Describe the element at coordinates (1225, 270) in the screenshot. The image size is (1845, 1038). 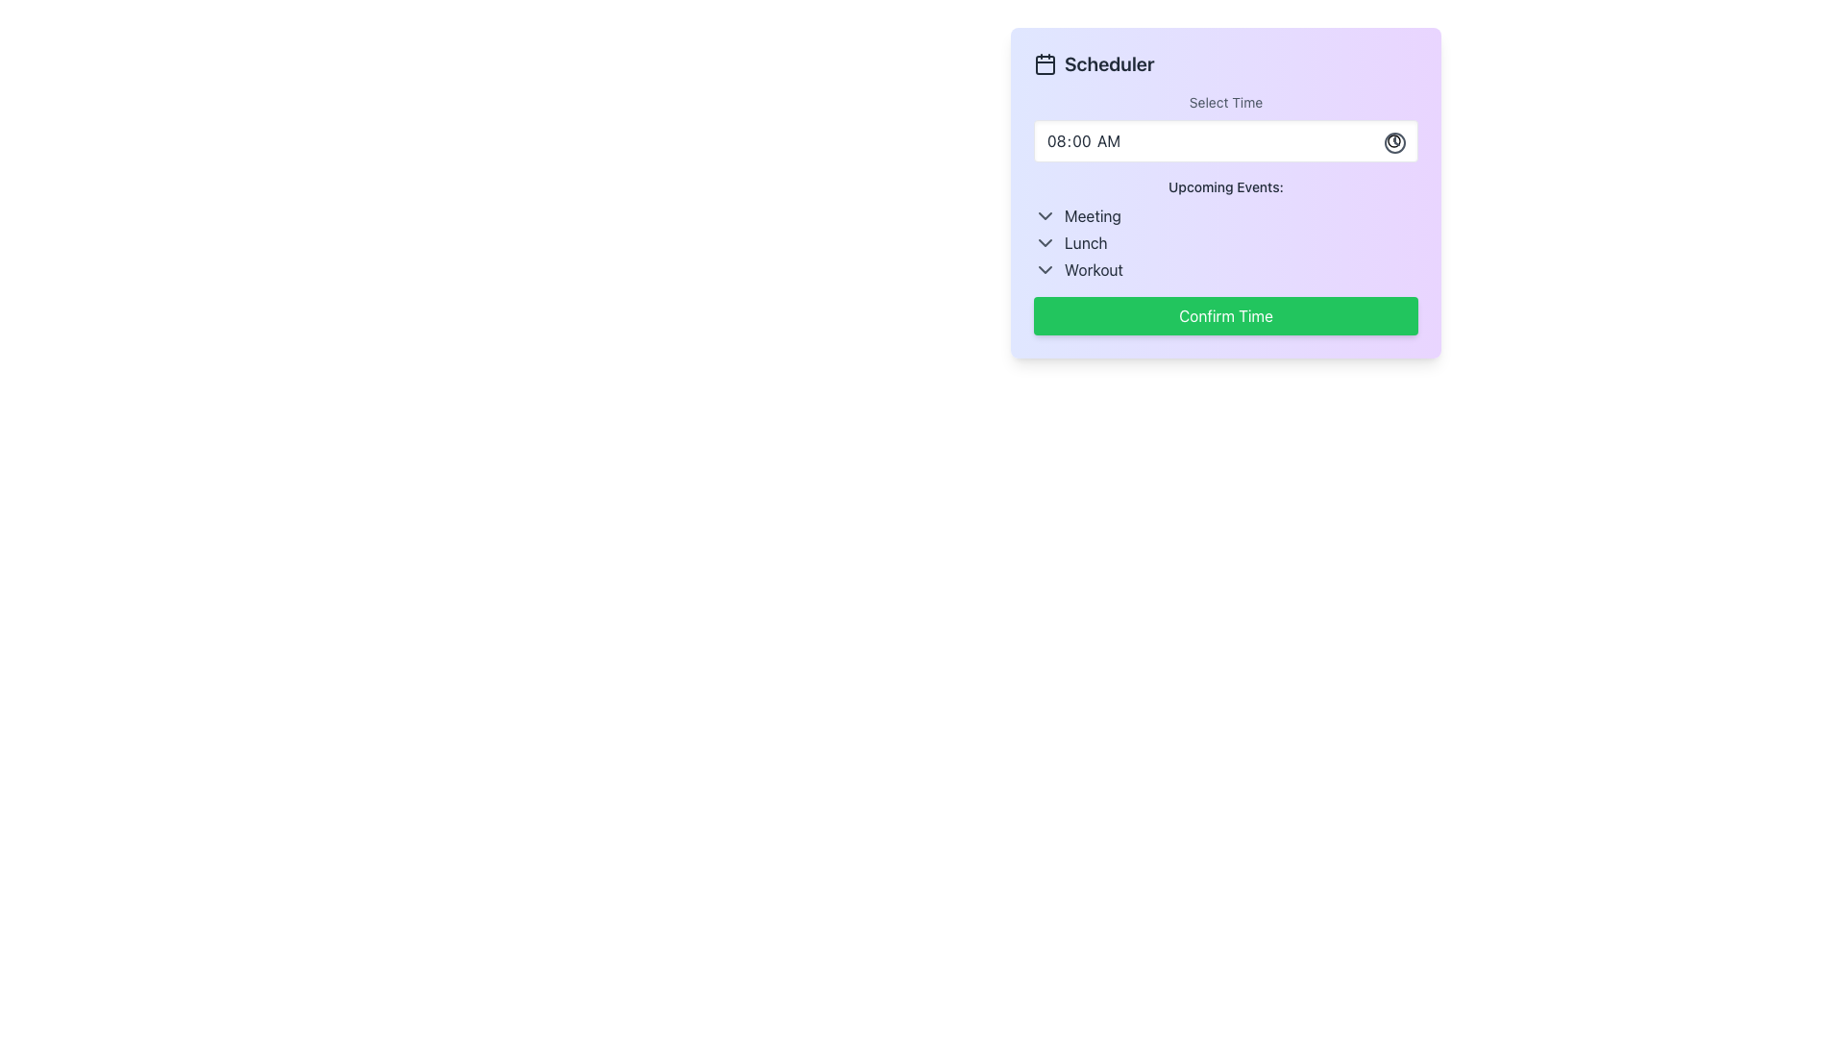
I see `the third list item labeled 'Workout' in the scheduling interface` at that location.